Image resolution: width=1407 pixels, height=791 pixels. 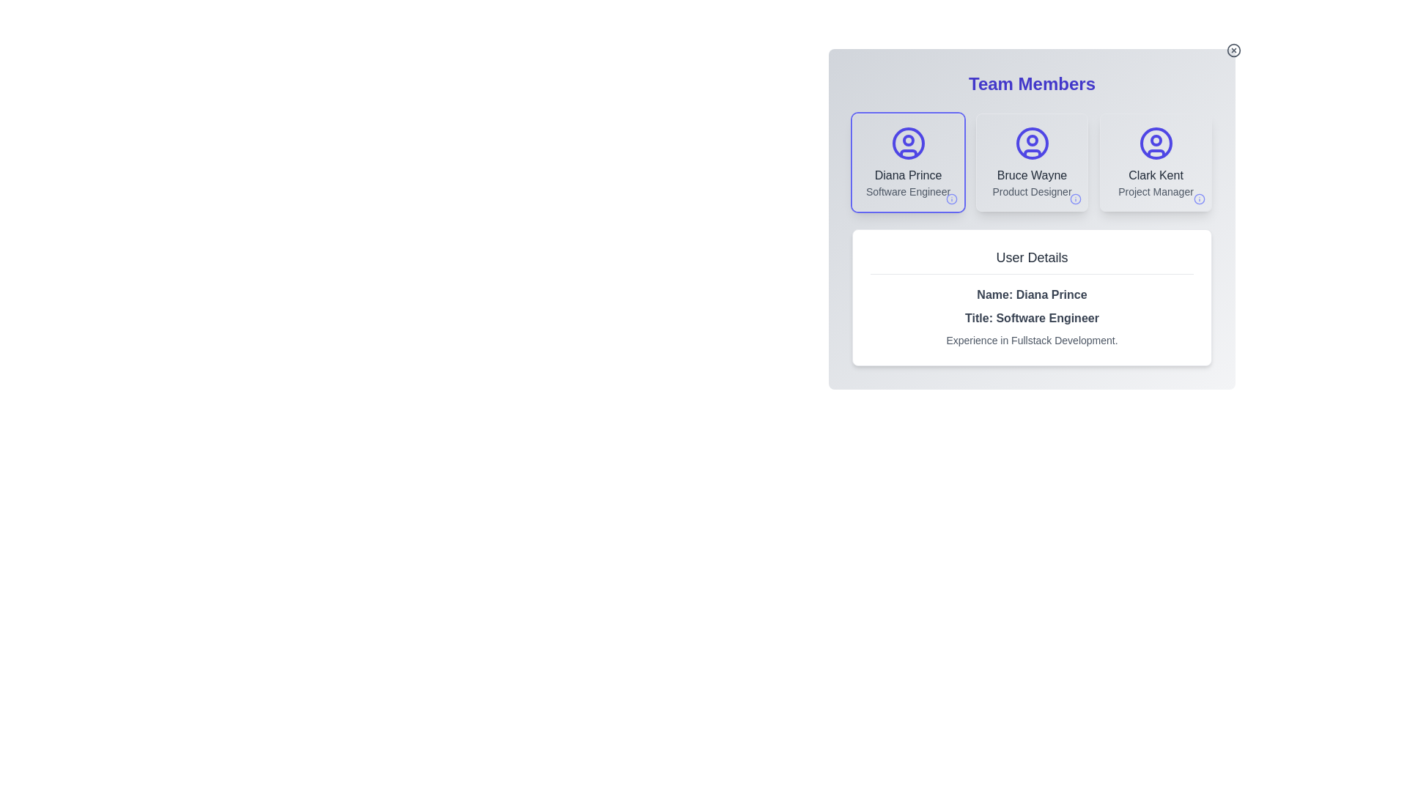 What do you see at coordinates (1155, 191) in the screenshot?
I see `the 'Project Manager' text label, which is displayed in gray below the name 'Clark Kent' in the staff information card layout` at bounding box center [1155, 191].